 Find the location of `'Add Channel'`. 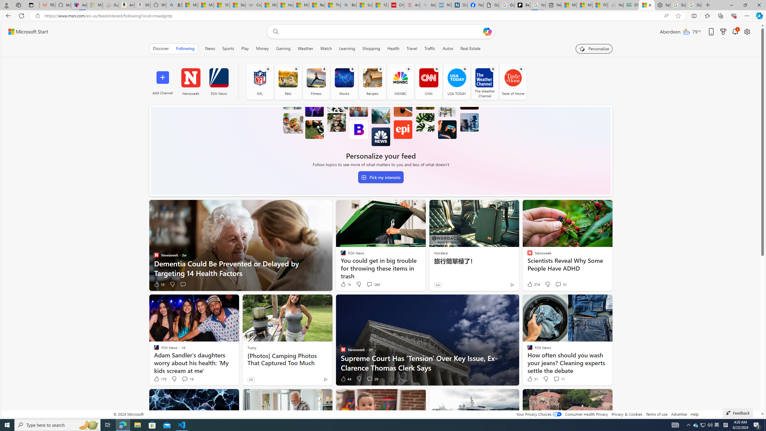

'Add Channel' is located at coordinates (162, 81).